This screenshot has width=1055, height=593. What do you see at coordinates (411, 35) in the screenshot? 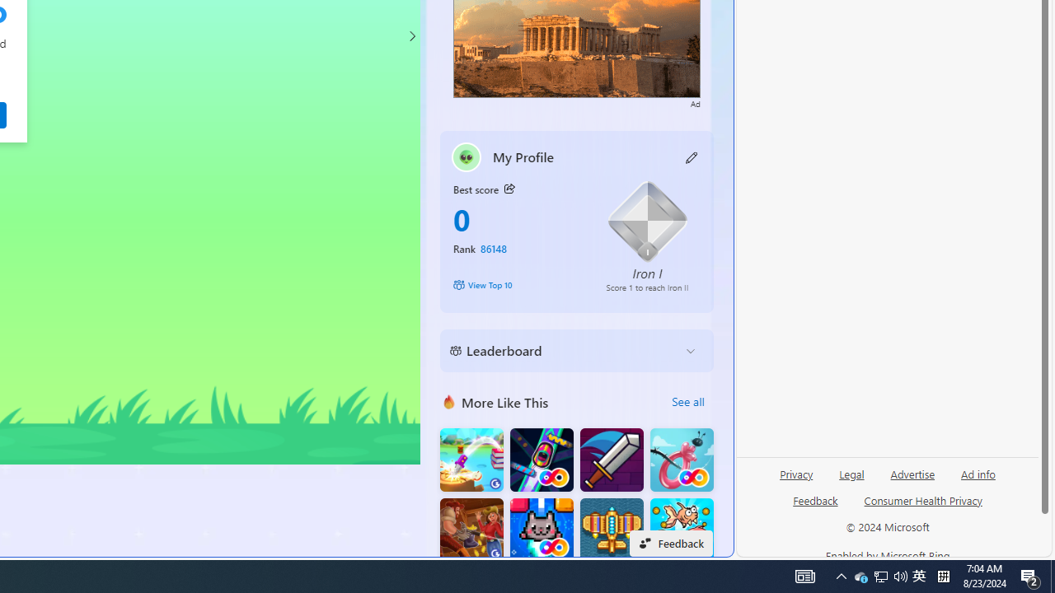
I see `'Class: control'` at bounding box center [411, 35].